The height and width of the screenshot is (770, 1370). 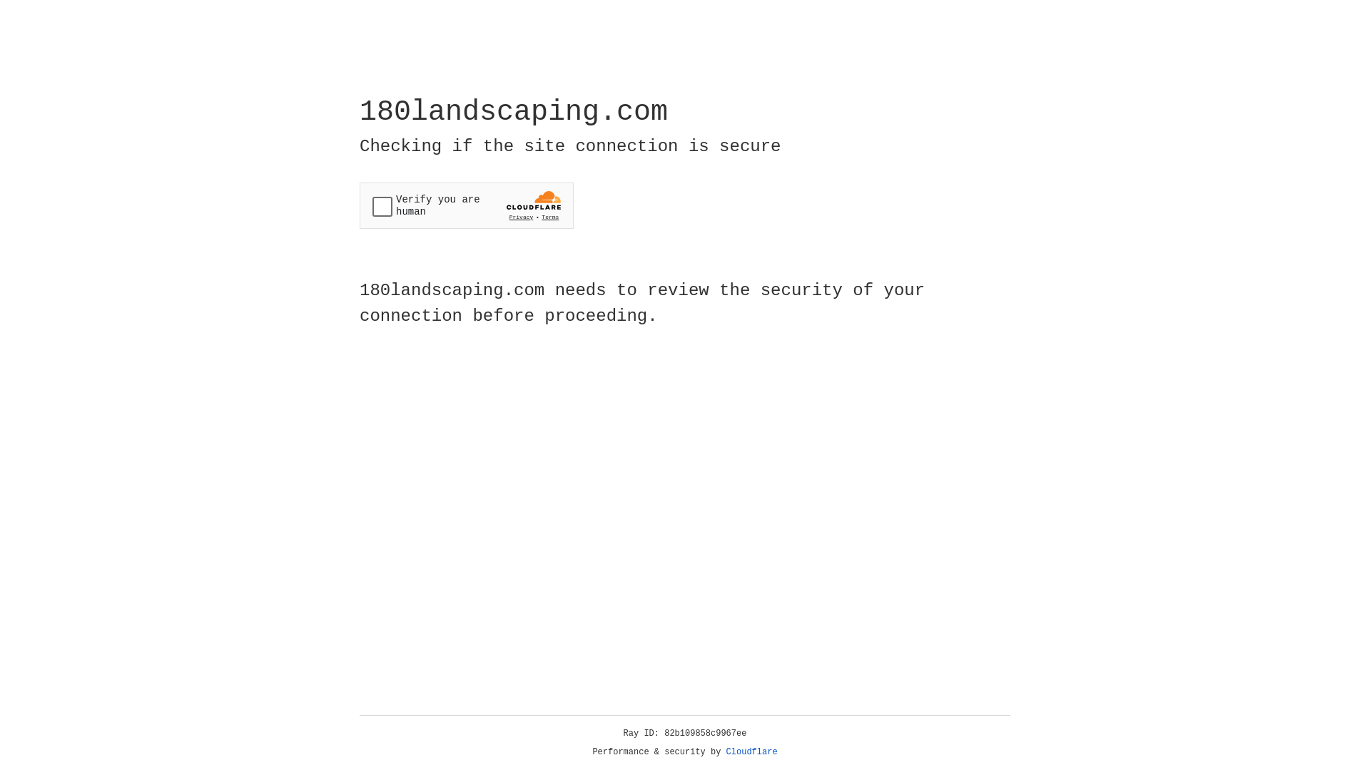 I want to click on 'Widget containing a Cloudflare security challenge', so click(x=466, y=205).